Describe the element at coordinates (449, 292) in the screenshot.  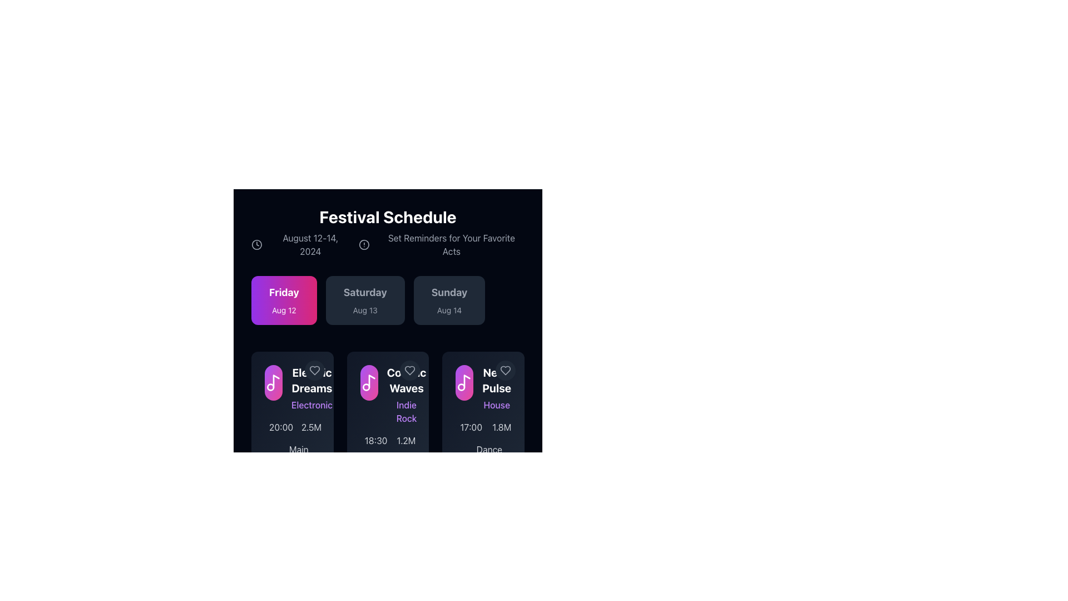
I see `the text label indicating 'Sunday' in the date selection interface, which is the third box in a row of three boxes aligned horizontally with 'Friday' and 'Saturday'` at that location.